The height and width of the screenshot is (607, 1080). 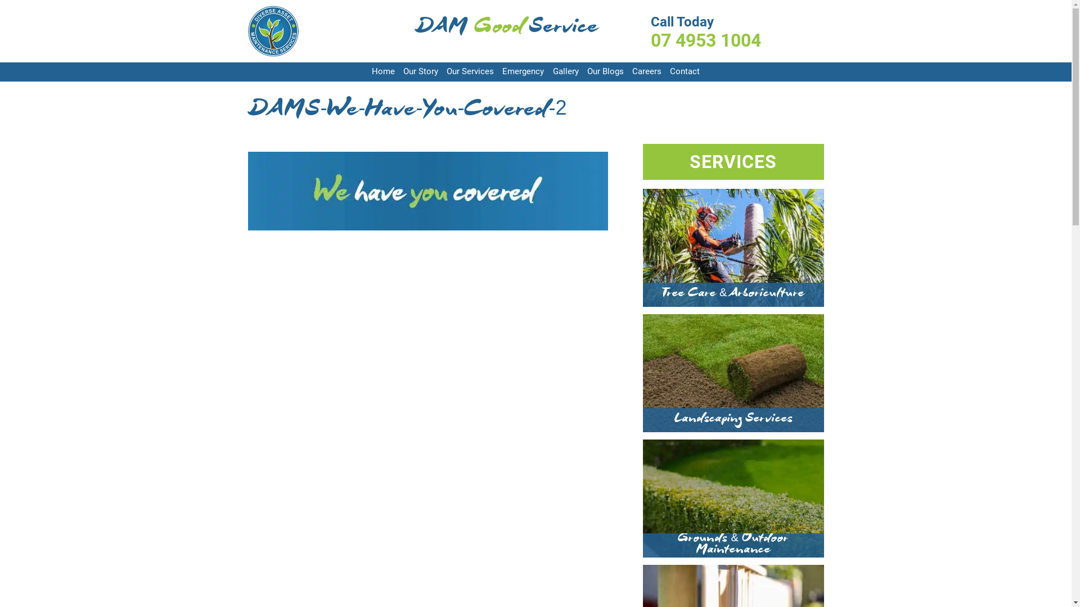 I want to click on 'Our Story', so click(x=403, y=72).